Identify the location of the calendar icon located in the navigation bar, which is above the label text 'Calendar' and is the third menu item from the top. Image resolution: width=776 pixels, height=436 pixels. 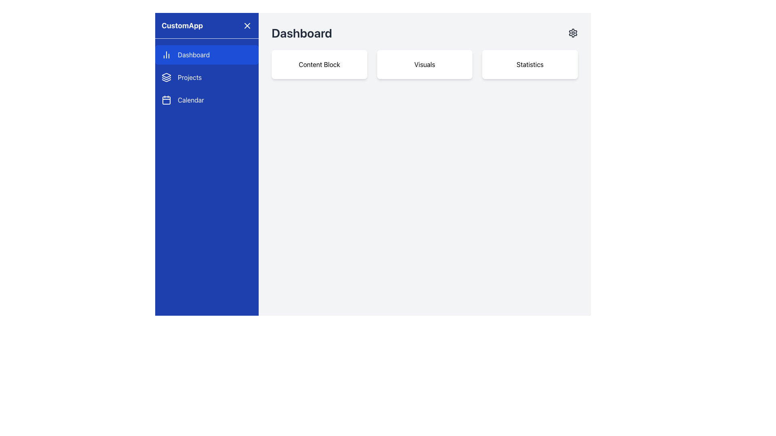
(166, 99).